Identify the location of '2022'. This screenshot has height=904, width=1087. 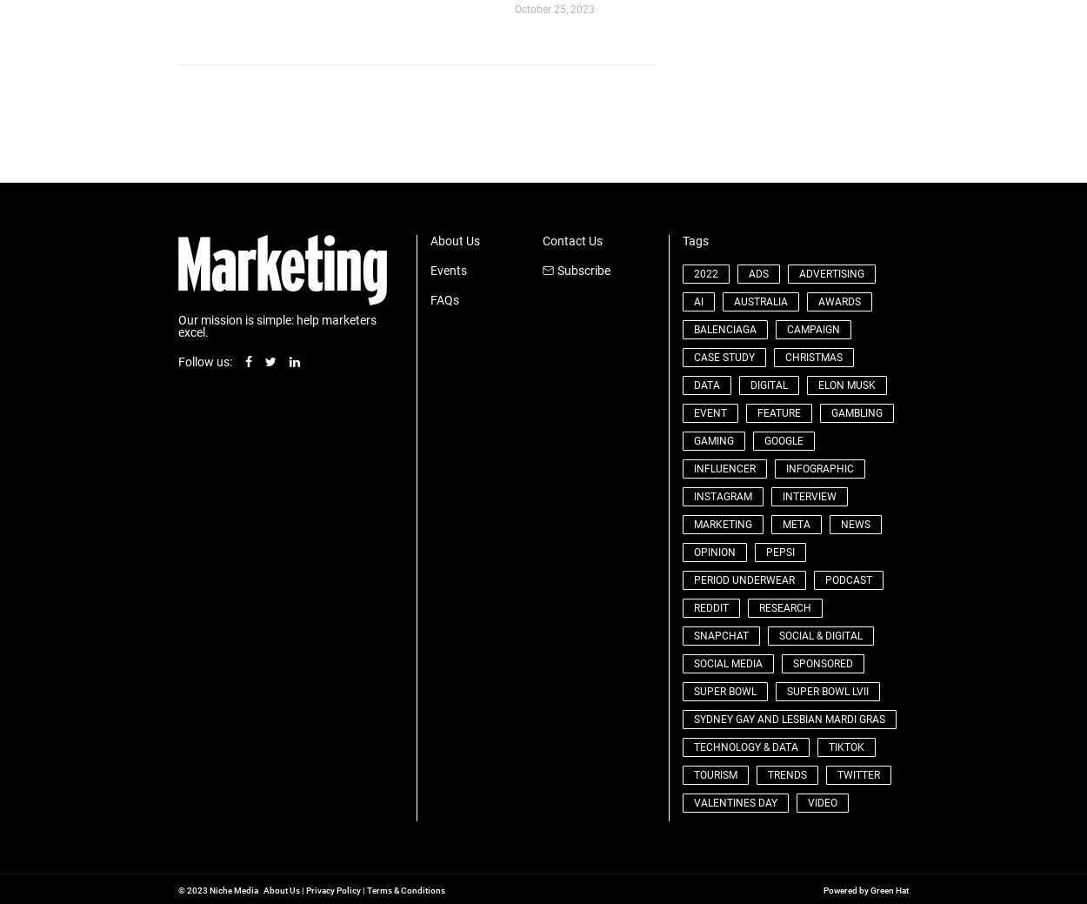
(705, 272).